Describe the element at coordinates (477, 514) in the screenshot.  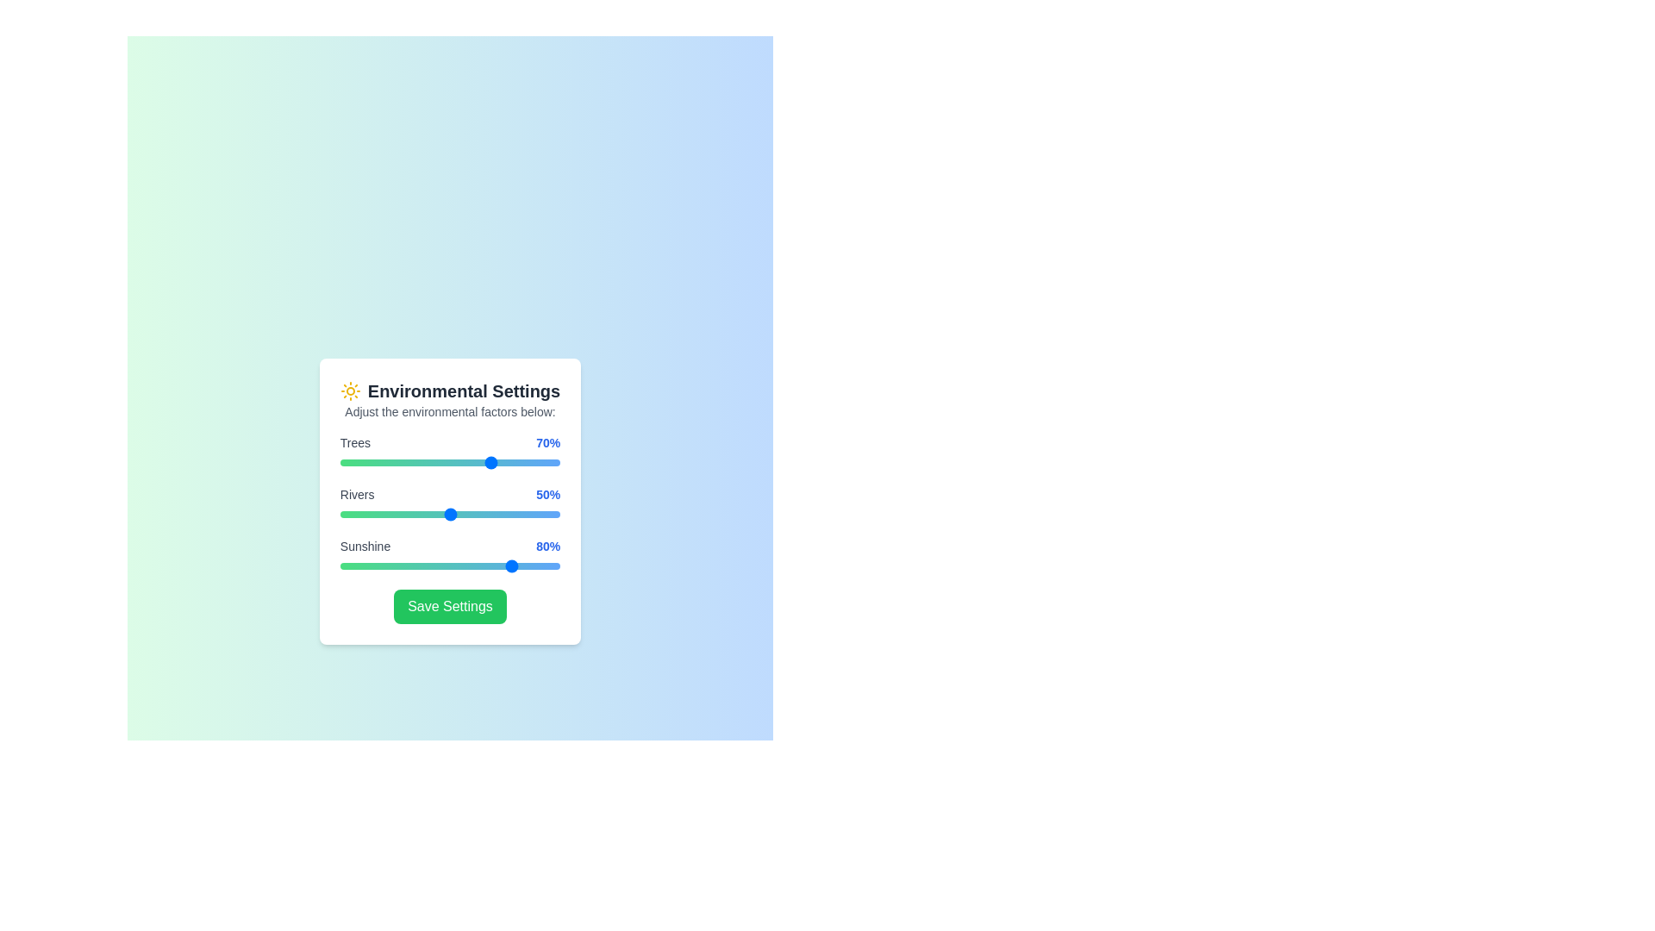
I see `the 1 slider to 62%` at that location.